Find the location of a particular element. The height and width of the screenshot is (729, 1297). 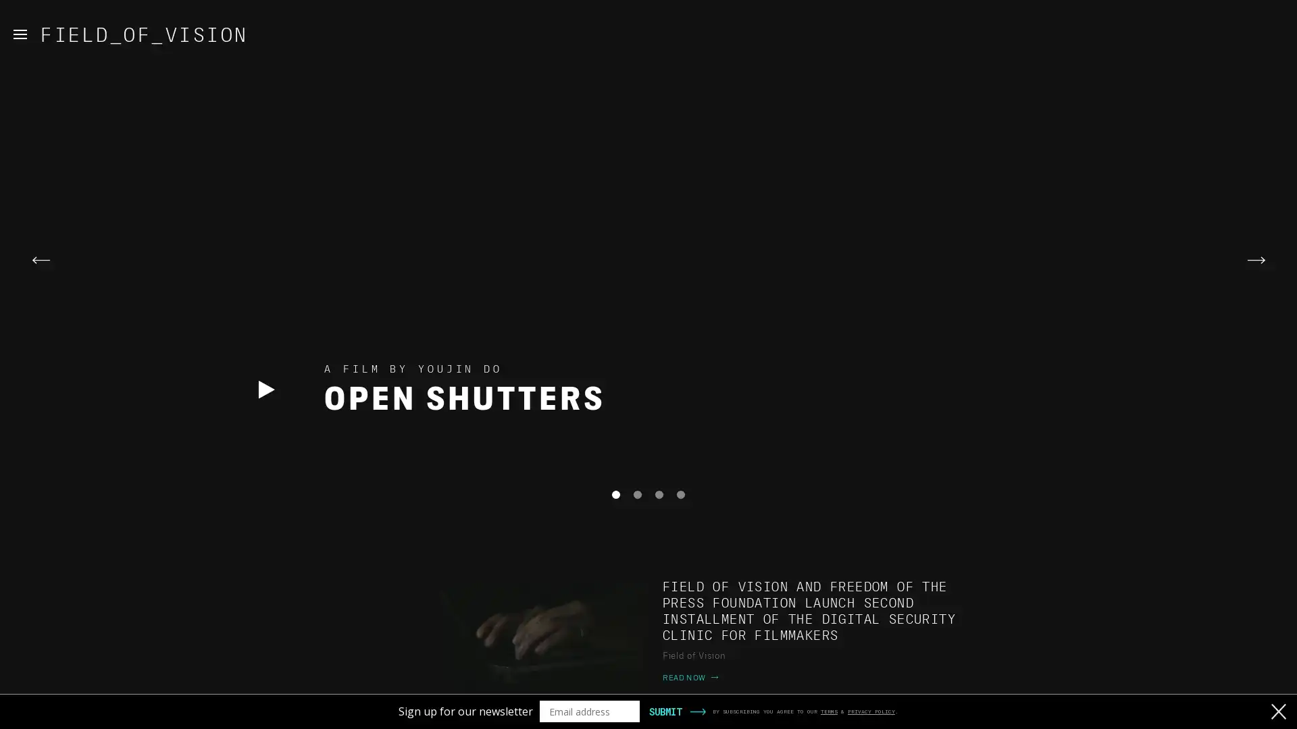

Sign up for our newsletter is located at coordinates (465, 710).